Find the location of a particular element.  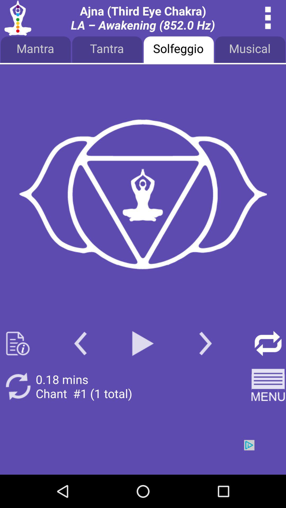

rotate button is located at coordinates (17, 386).